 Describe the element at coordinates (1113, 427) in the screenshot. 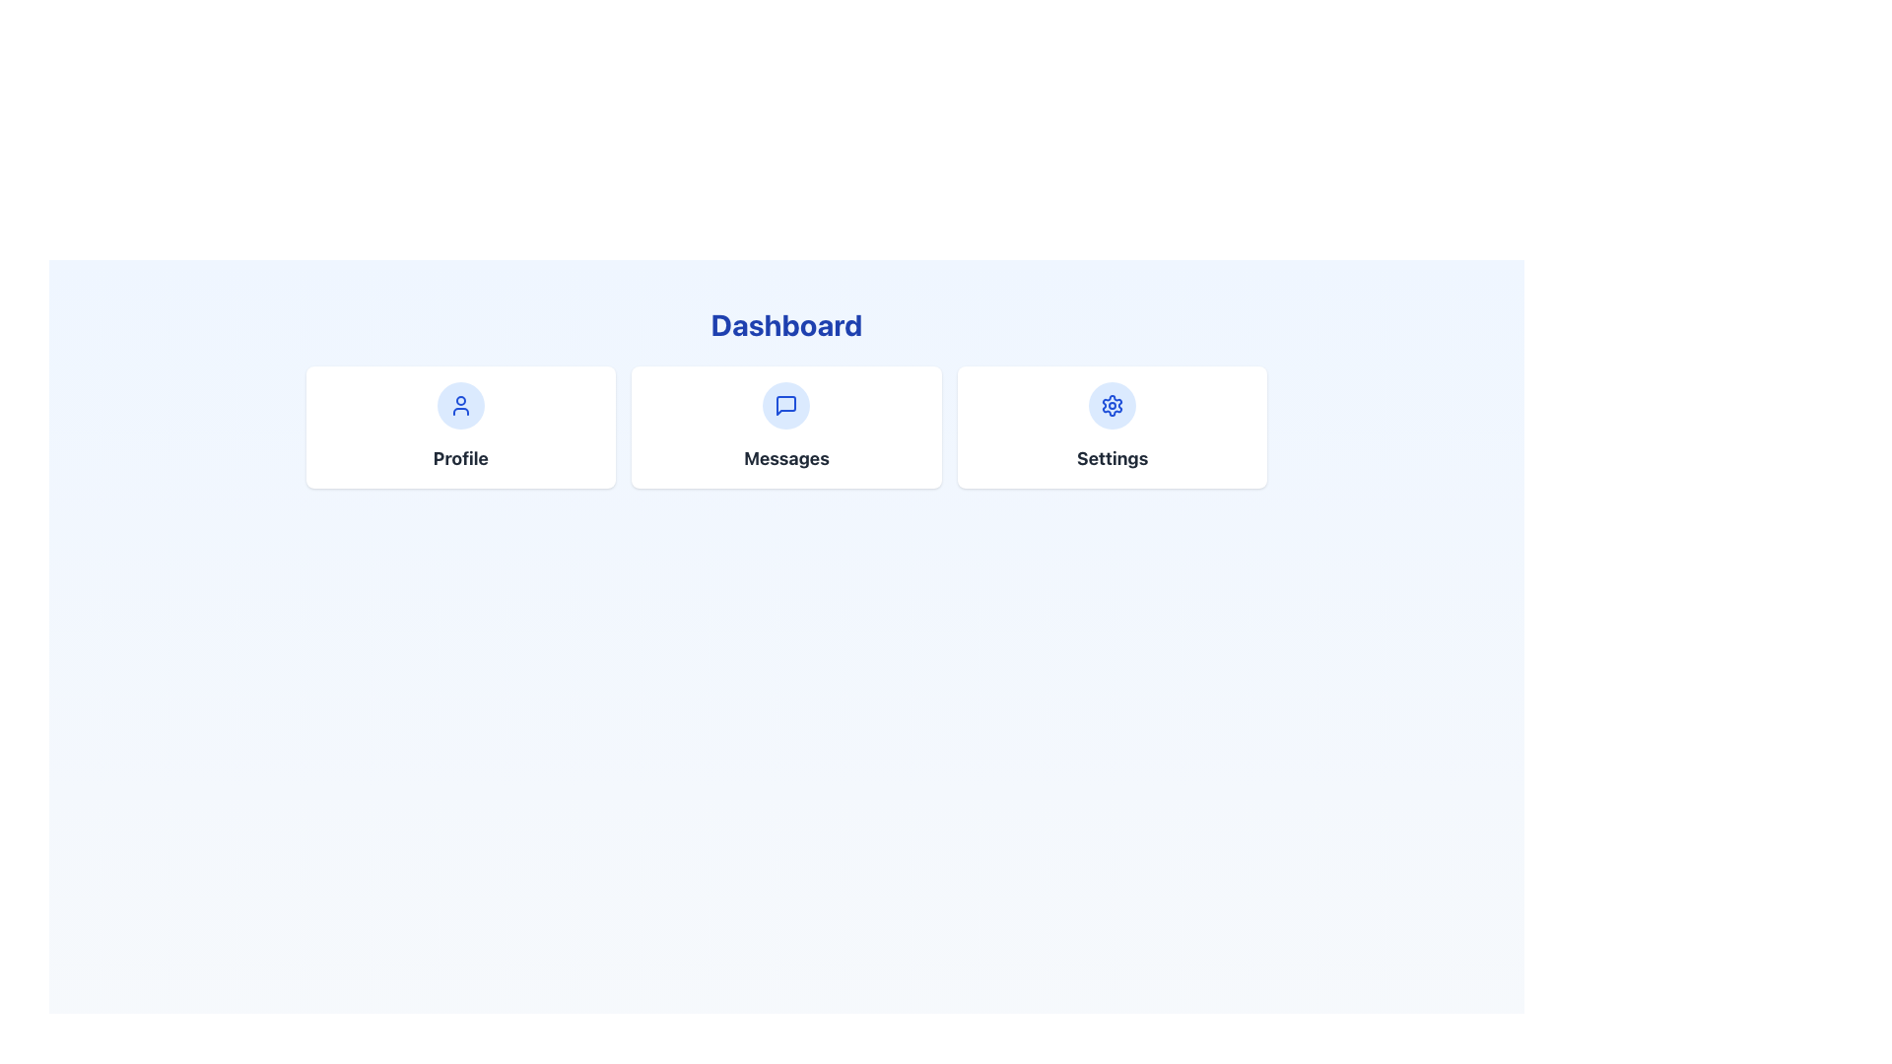

I see `the Settings button with a gear icon` at that location.